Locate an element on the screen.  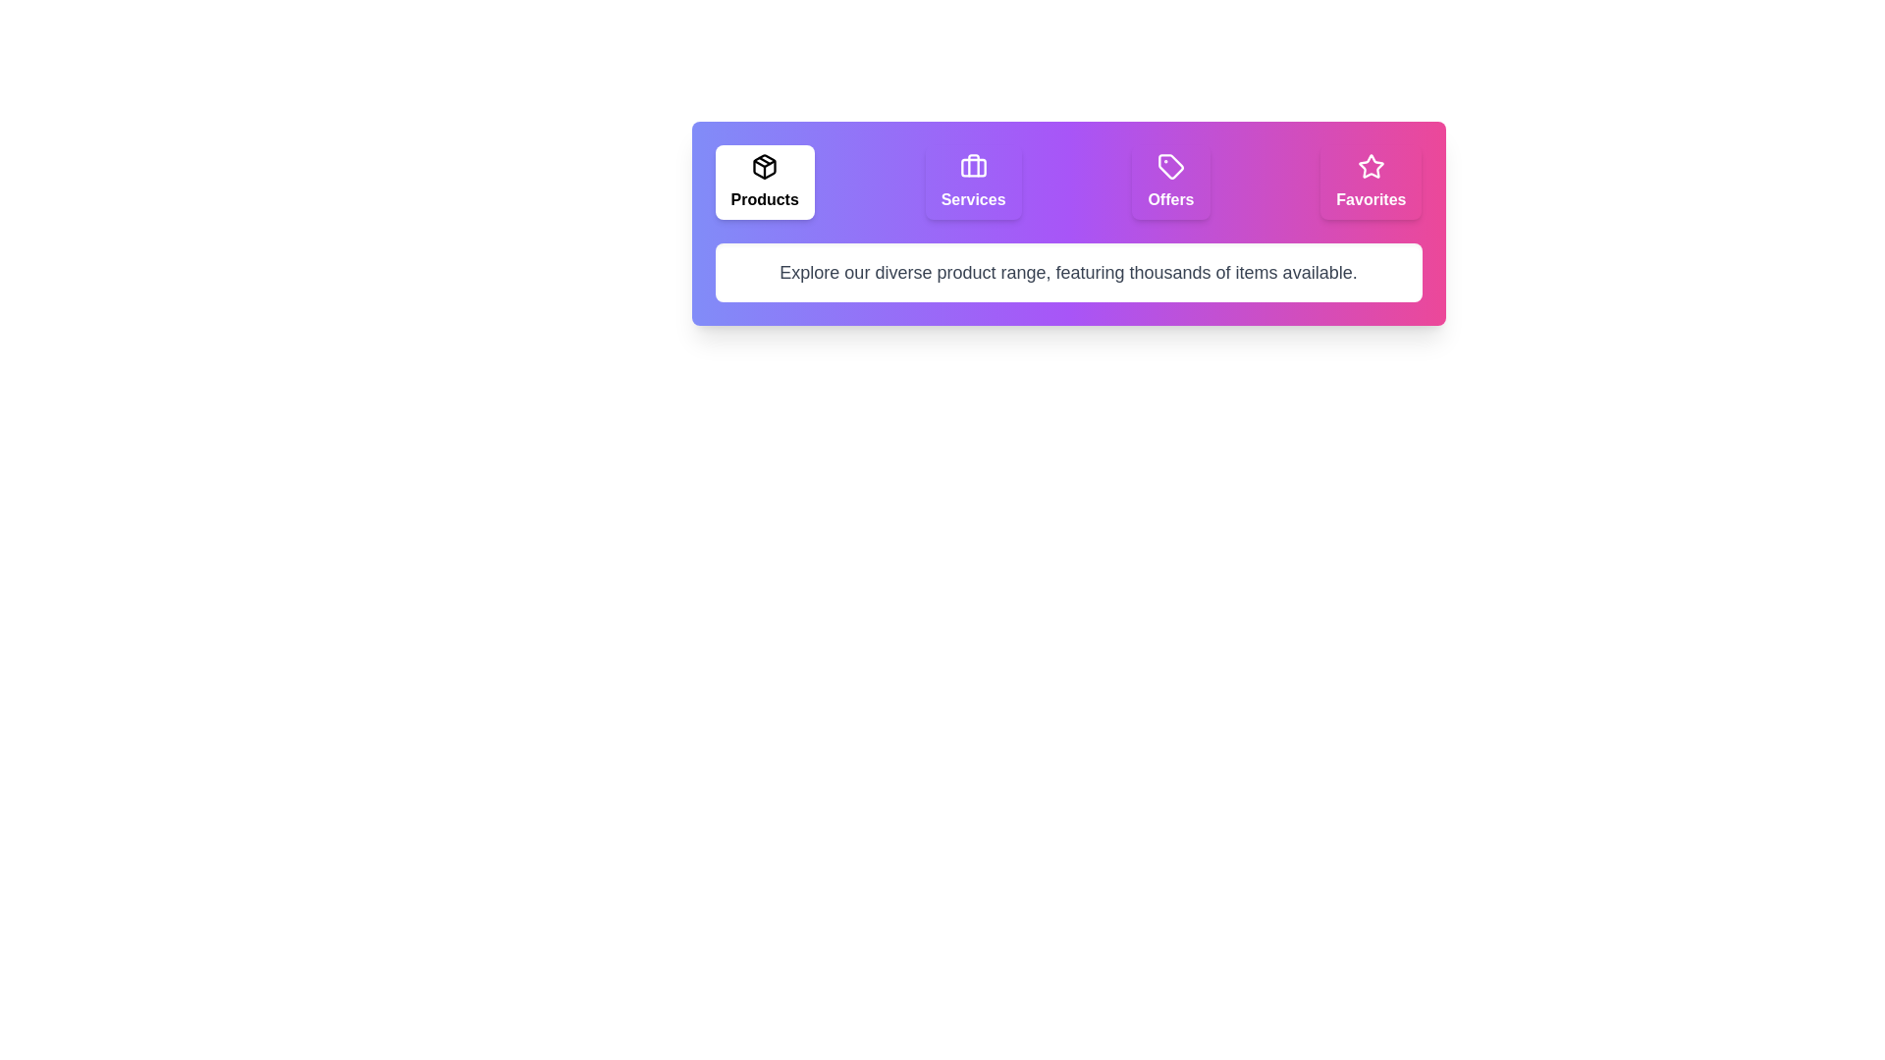
the tab labeled 'Favorites' to display its description is located at coordinates (1370, 182).